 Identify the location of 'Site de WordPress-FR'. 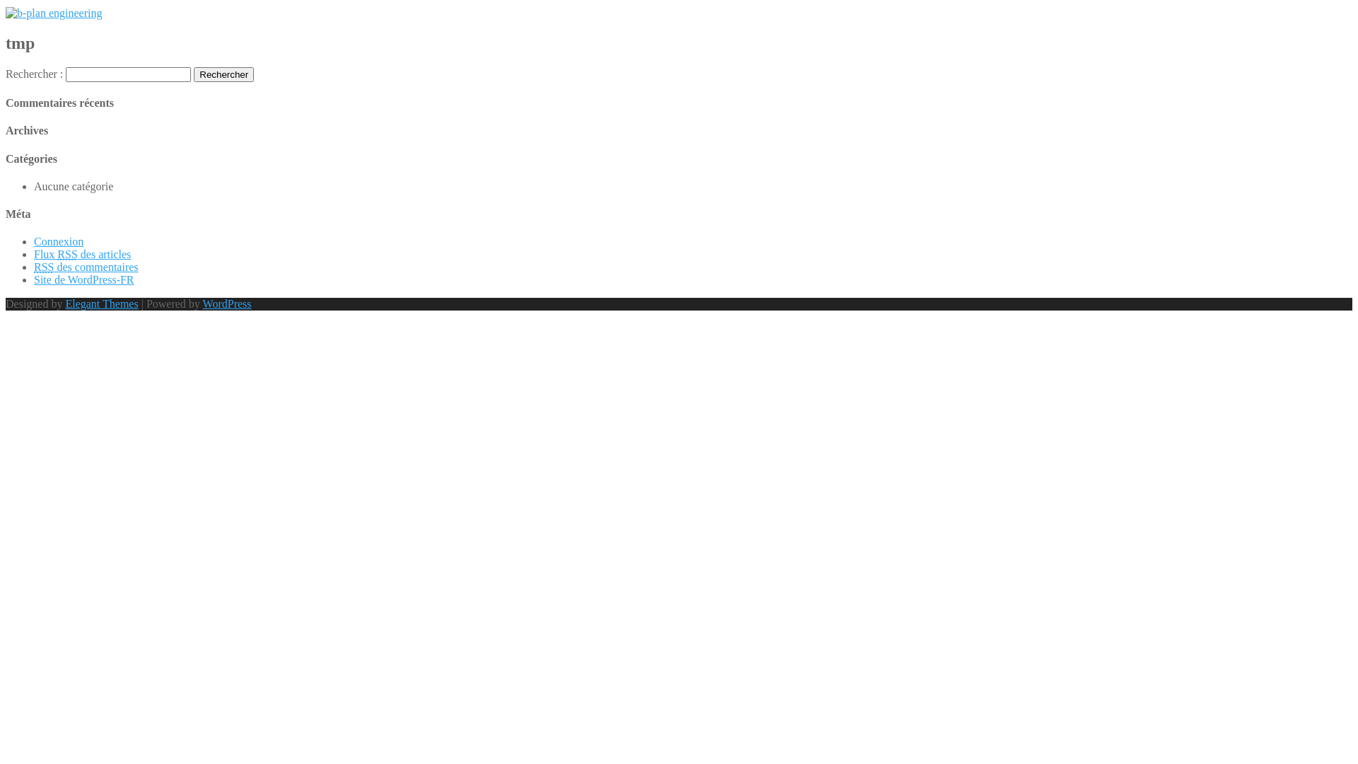
(83, 279).